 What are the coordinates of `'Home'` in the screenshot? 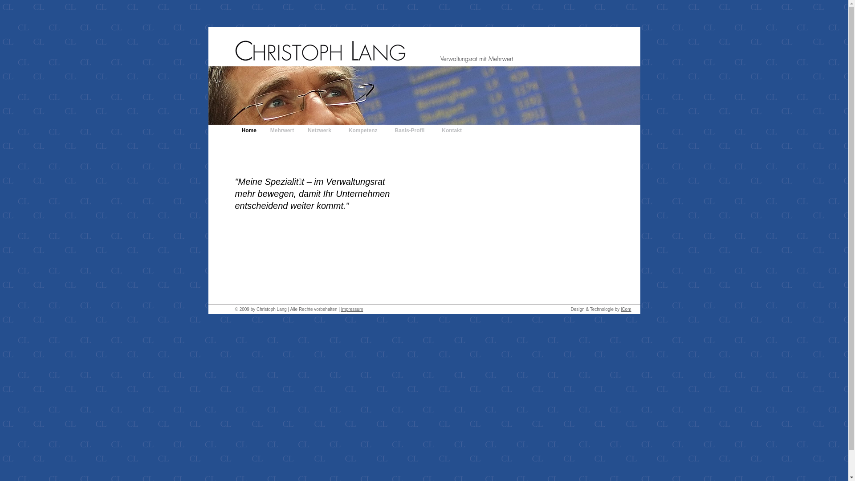 It's located at (249, 130).